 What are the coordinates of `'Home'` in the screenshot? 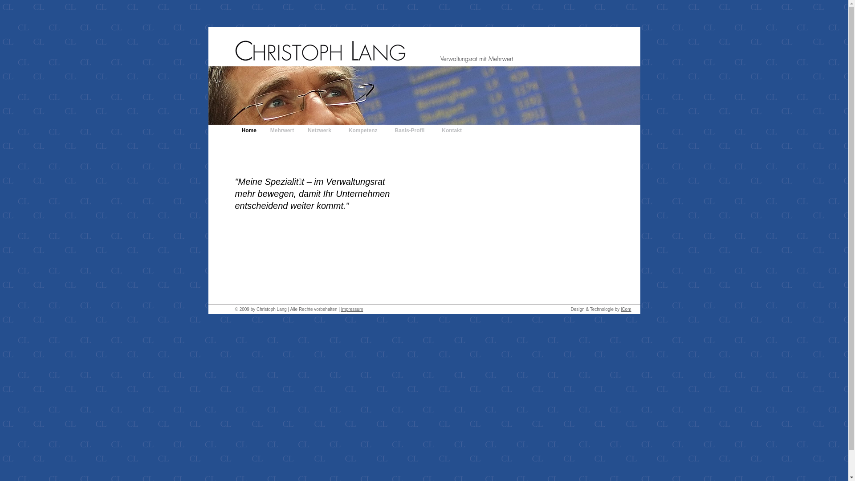 It's located at (249, 130).